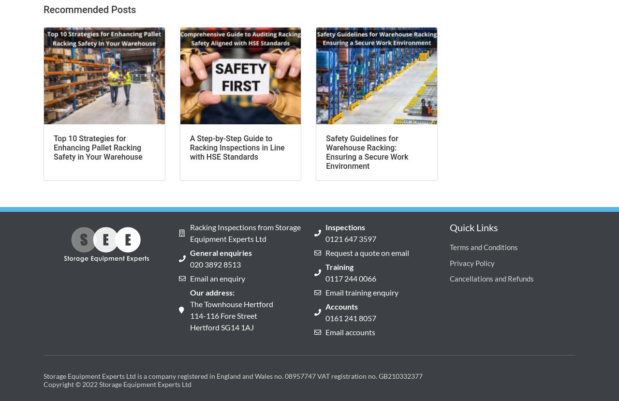 The image size is (619, 401). What do you see at coordinates (43, 9) in the screenshot?
I see `'Recommended Posts'` at bounding box center [43, 9].